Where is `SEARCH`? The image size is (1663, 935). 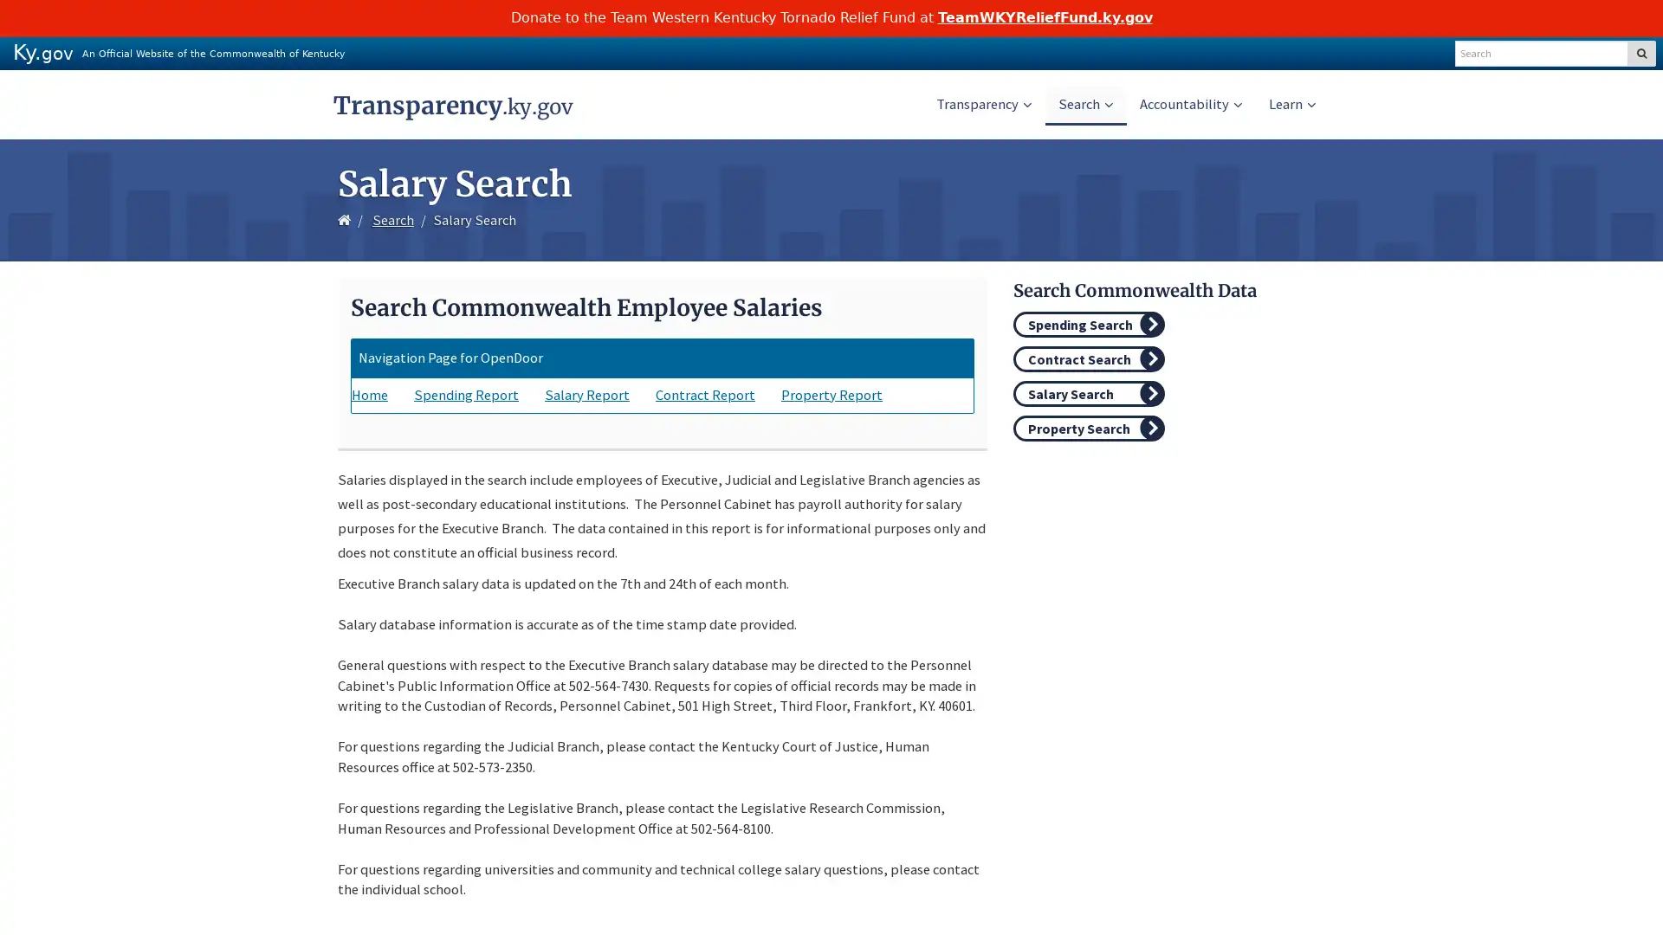 SEARCH is located at coordinates (1640, 52).